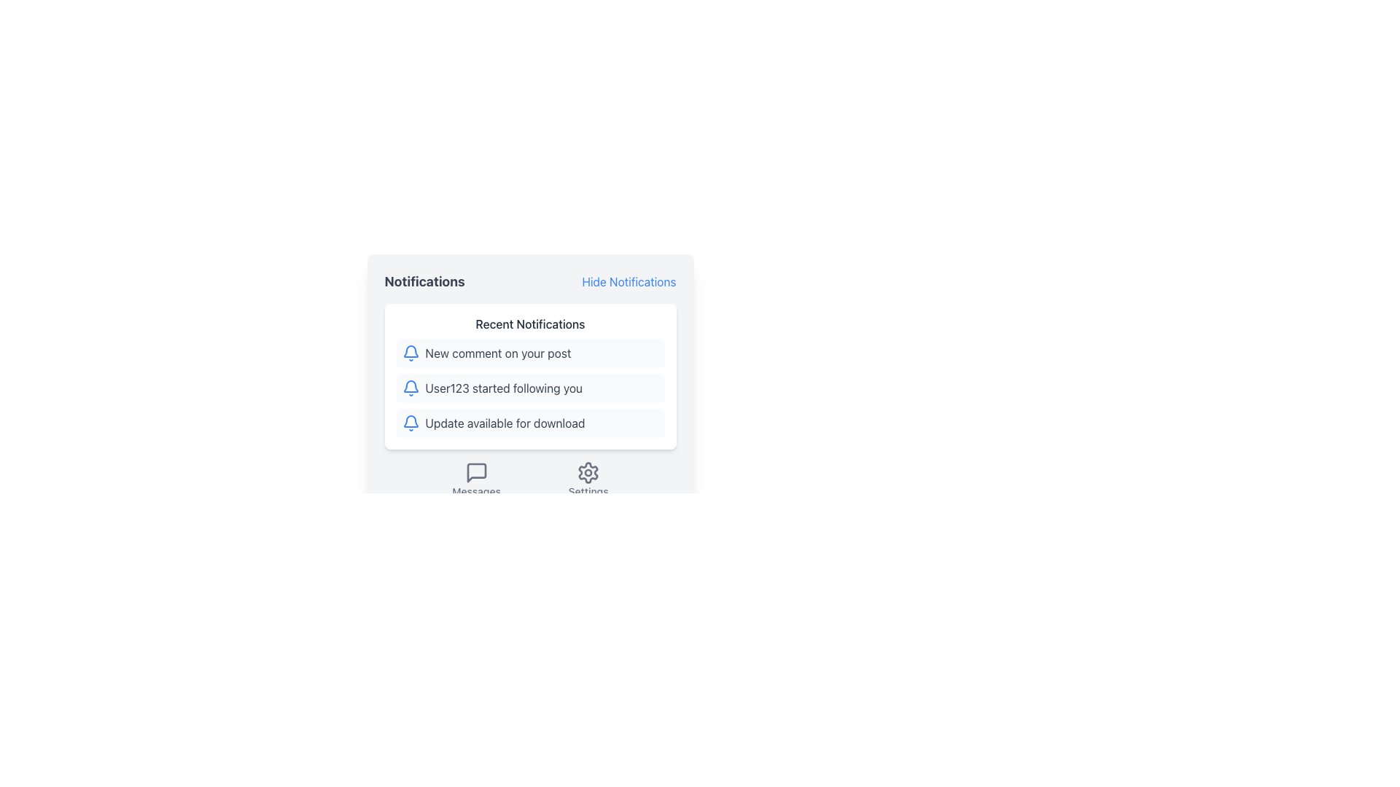 This screenshot has width=1400, height=787. Describe the element at coordinates (529, 423) in the screenshot. I see `the third notification item in the vertical list that notifies the user of an available update for download` at that location.